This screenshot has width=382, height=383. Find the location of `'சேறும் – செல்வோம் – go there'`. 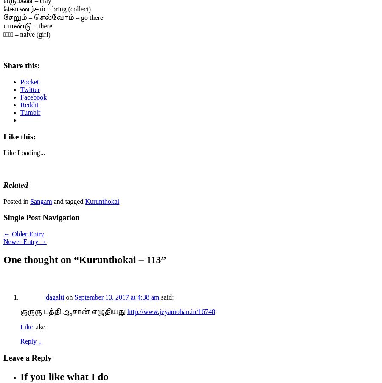

'சேறும் – செல்வோம் – go there' is located at coordinates (53, 17).